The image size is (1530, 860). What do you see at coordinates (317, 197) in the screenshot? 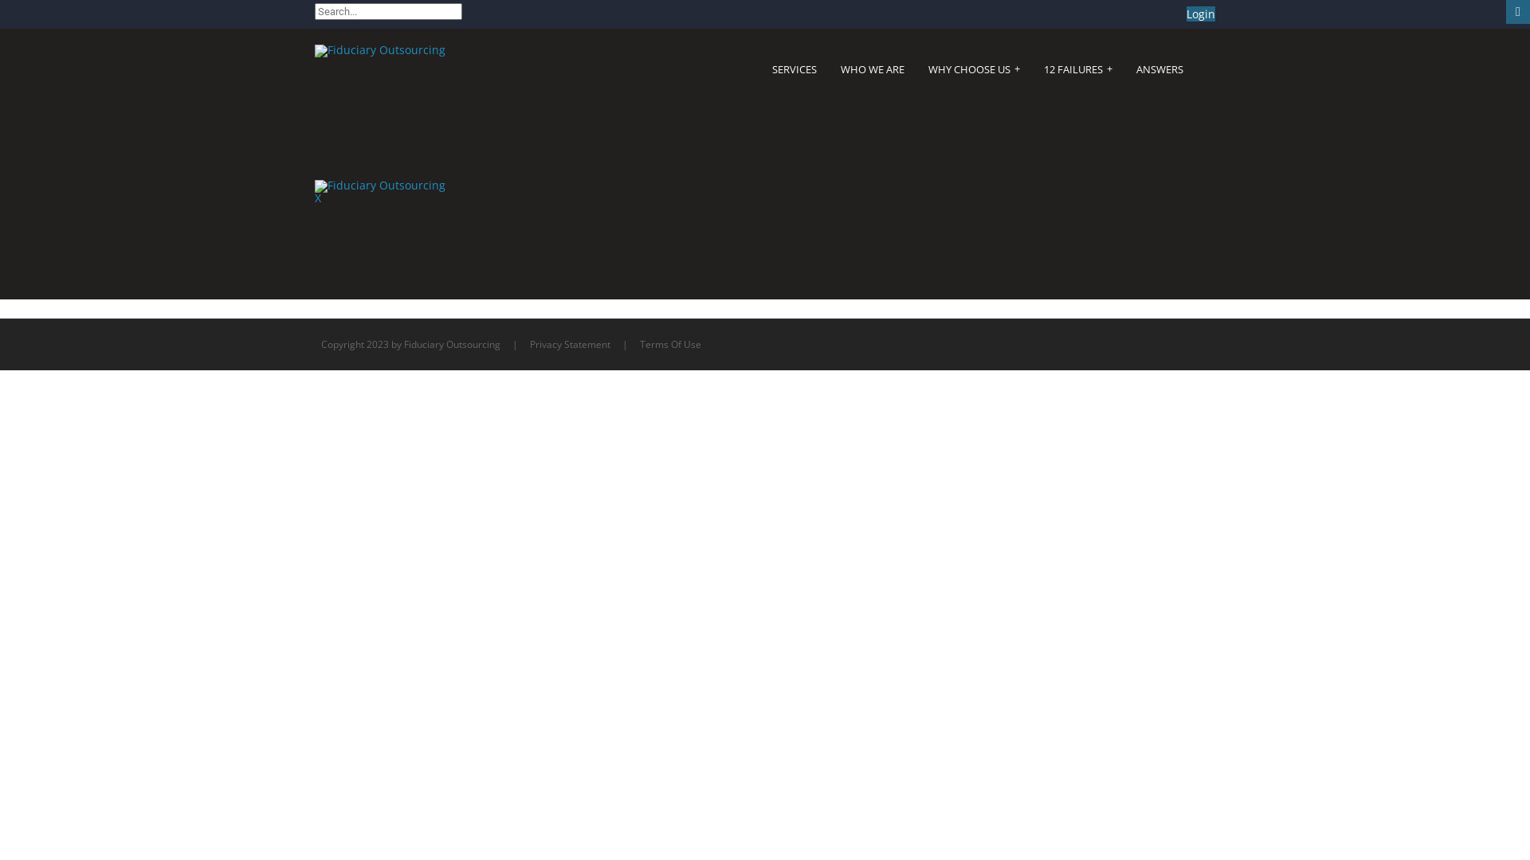
I see `'X'` at bounding box center [317, 197].